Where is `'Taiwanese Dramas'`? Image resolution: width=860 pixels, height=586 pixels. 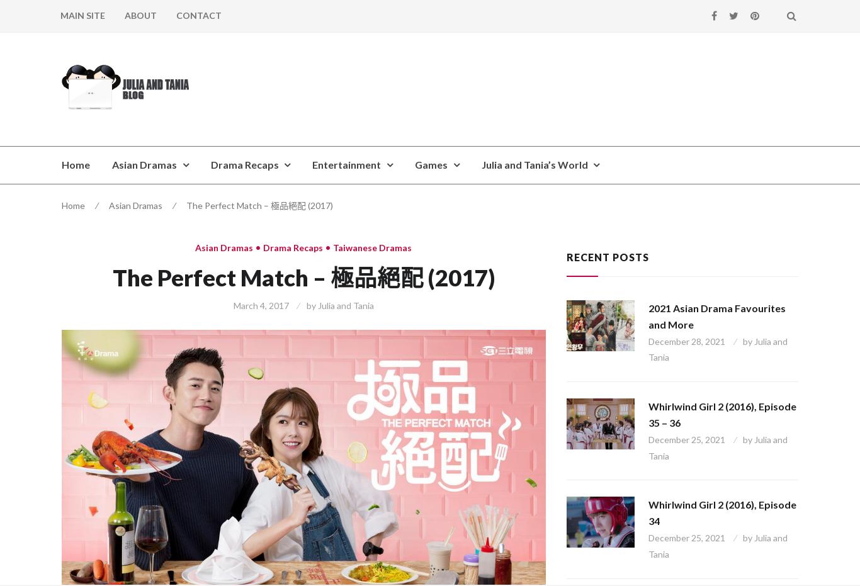 'Taiwanese Dramas' is located at coordinates (371, 247).